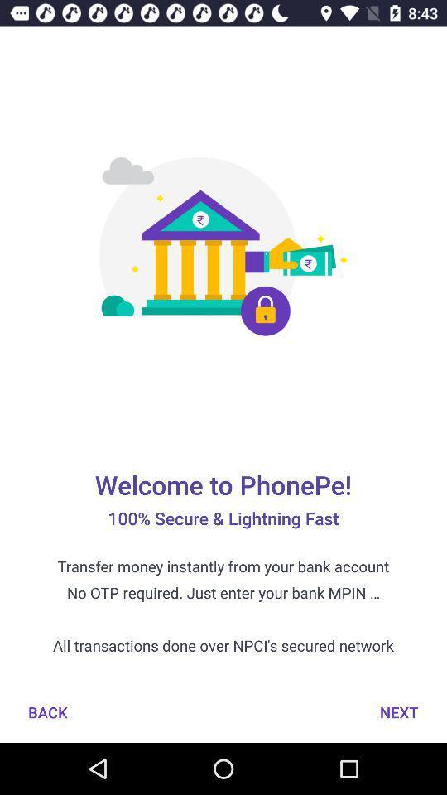  What do you see at coordinates (47, 711) in the screenshot?
I see `back item` at bounding box center [47, 711].